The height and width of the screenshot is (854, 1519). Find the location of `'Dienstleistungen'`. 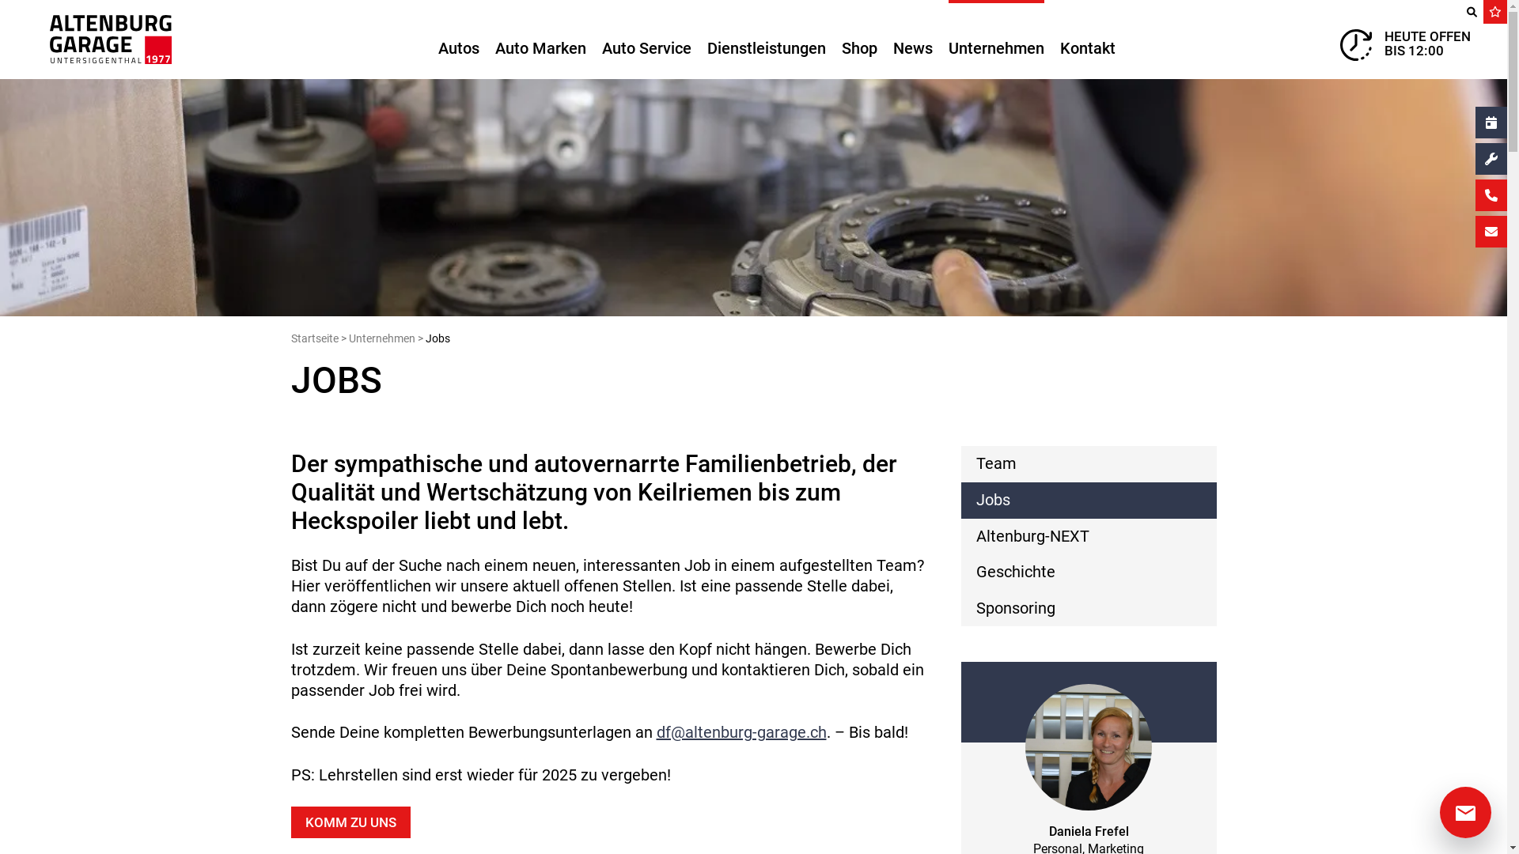

'Dienstleistungen' is located at coordinates (706, 39).